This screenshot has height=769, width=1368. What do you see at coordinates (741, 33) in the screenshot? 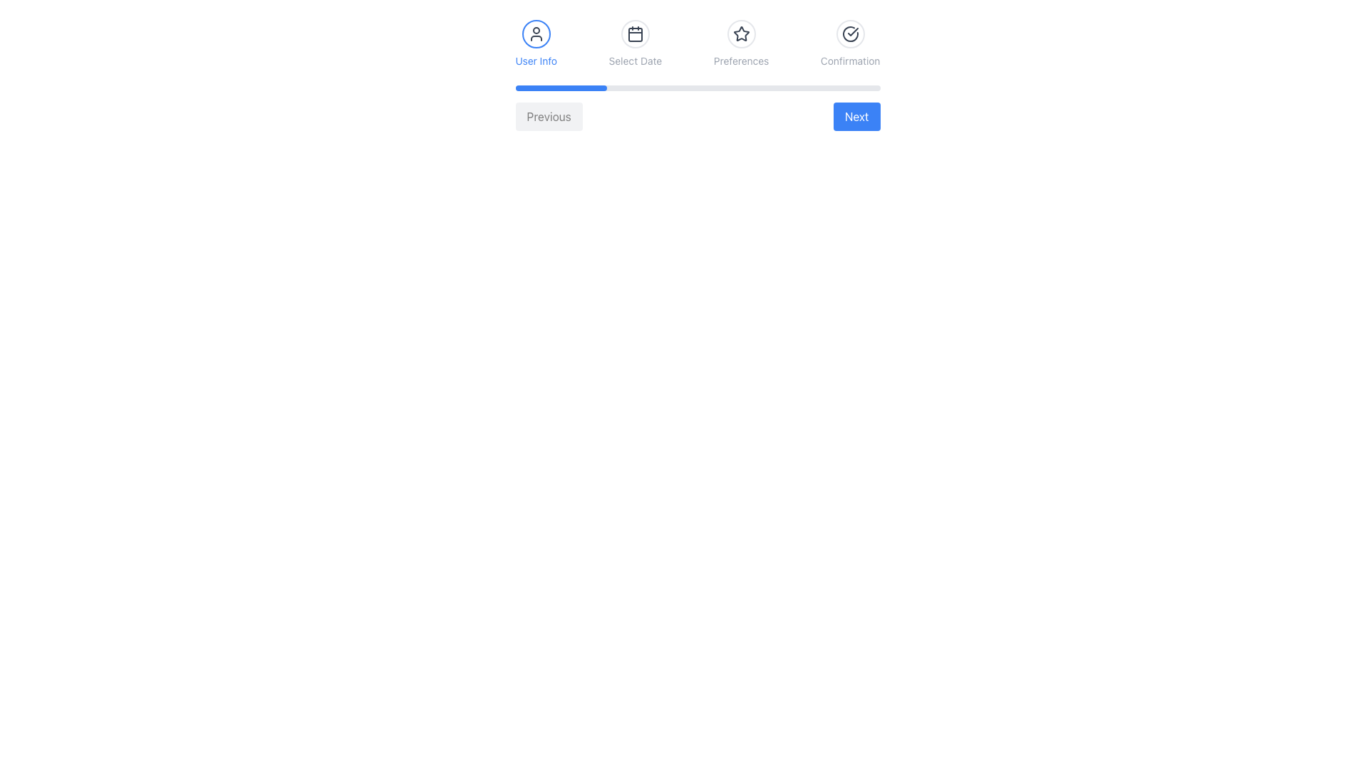
I see `the circular button with a gray border and a centered star icon, which is the third step in the horizontal step progress bar labeled 'Preferences'` at bounding box center [741, 33].